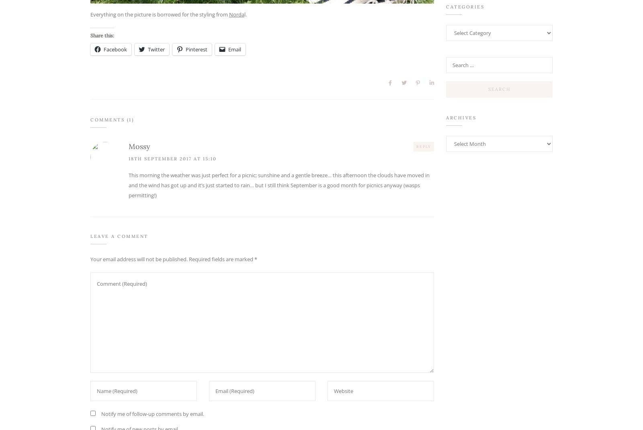 Image resolution: width=643 pixels, height=430 pixels. I want to click on 'l.', so click(246, 13).